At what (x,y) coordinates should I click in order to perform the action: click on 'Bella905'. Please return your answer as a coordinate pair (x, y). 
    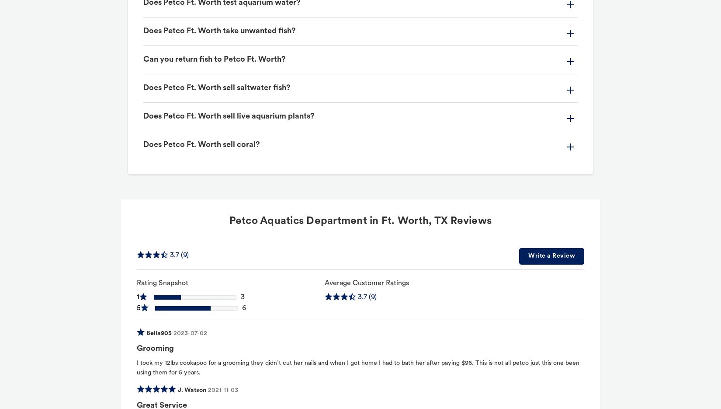
    Looking at the image, I should click on (159, 333).